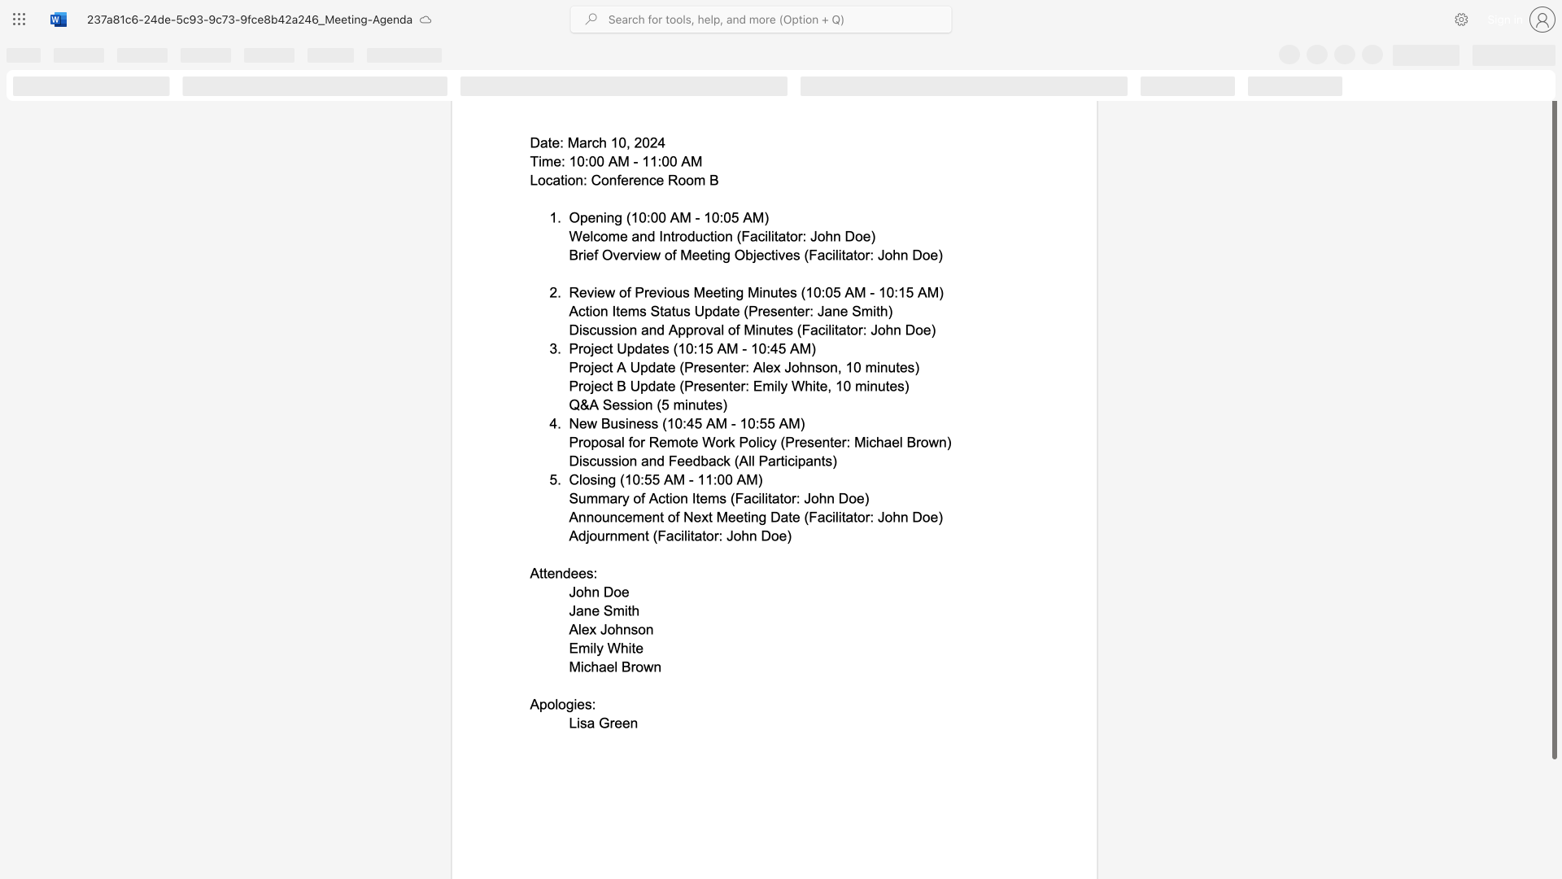 This screenshot has width=1562, height=879. Describe the element at coordinates (613, 142) in the screenshot. I see `the 1th character "1" in the text` at that location.